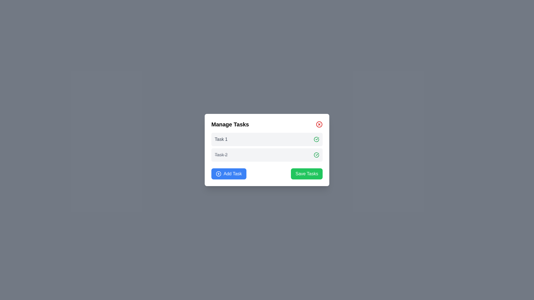 The image size is (534, 300). What do you see at coordinates (218, 173) in the screenshot?
I see `the circular icon with a plus sign in the middle, located to the left of the text 'Add Task' in the bottom left corner of the task management dialog box` at bounding box center [218, 173].